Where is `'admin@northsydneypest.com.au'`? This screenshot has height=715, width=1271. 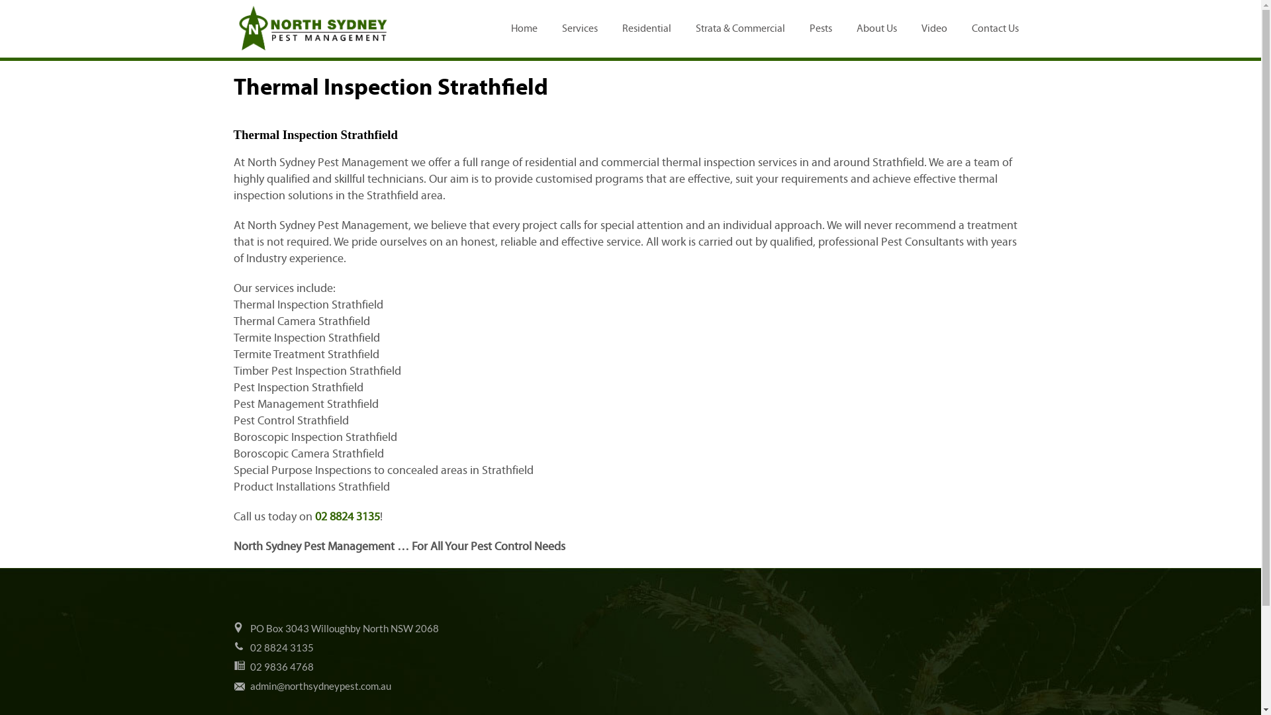 'admin@northsydneypest.com.au' is located at coordinates (320, 685).